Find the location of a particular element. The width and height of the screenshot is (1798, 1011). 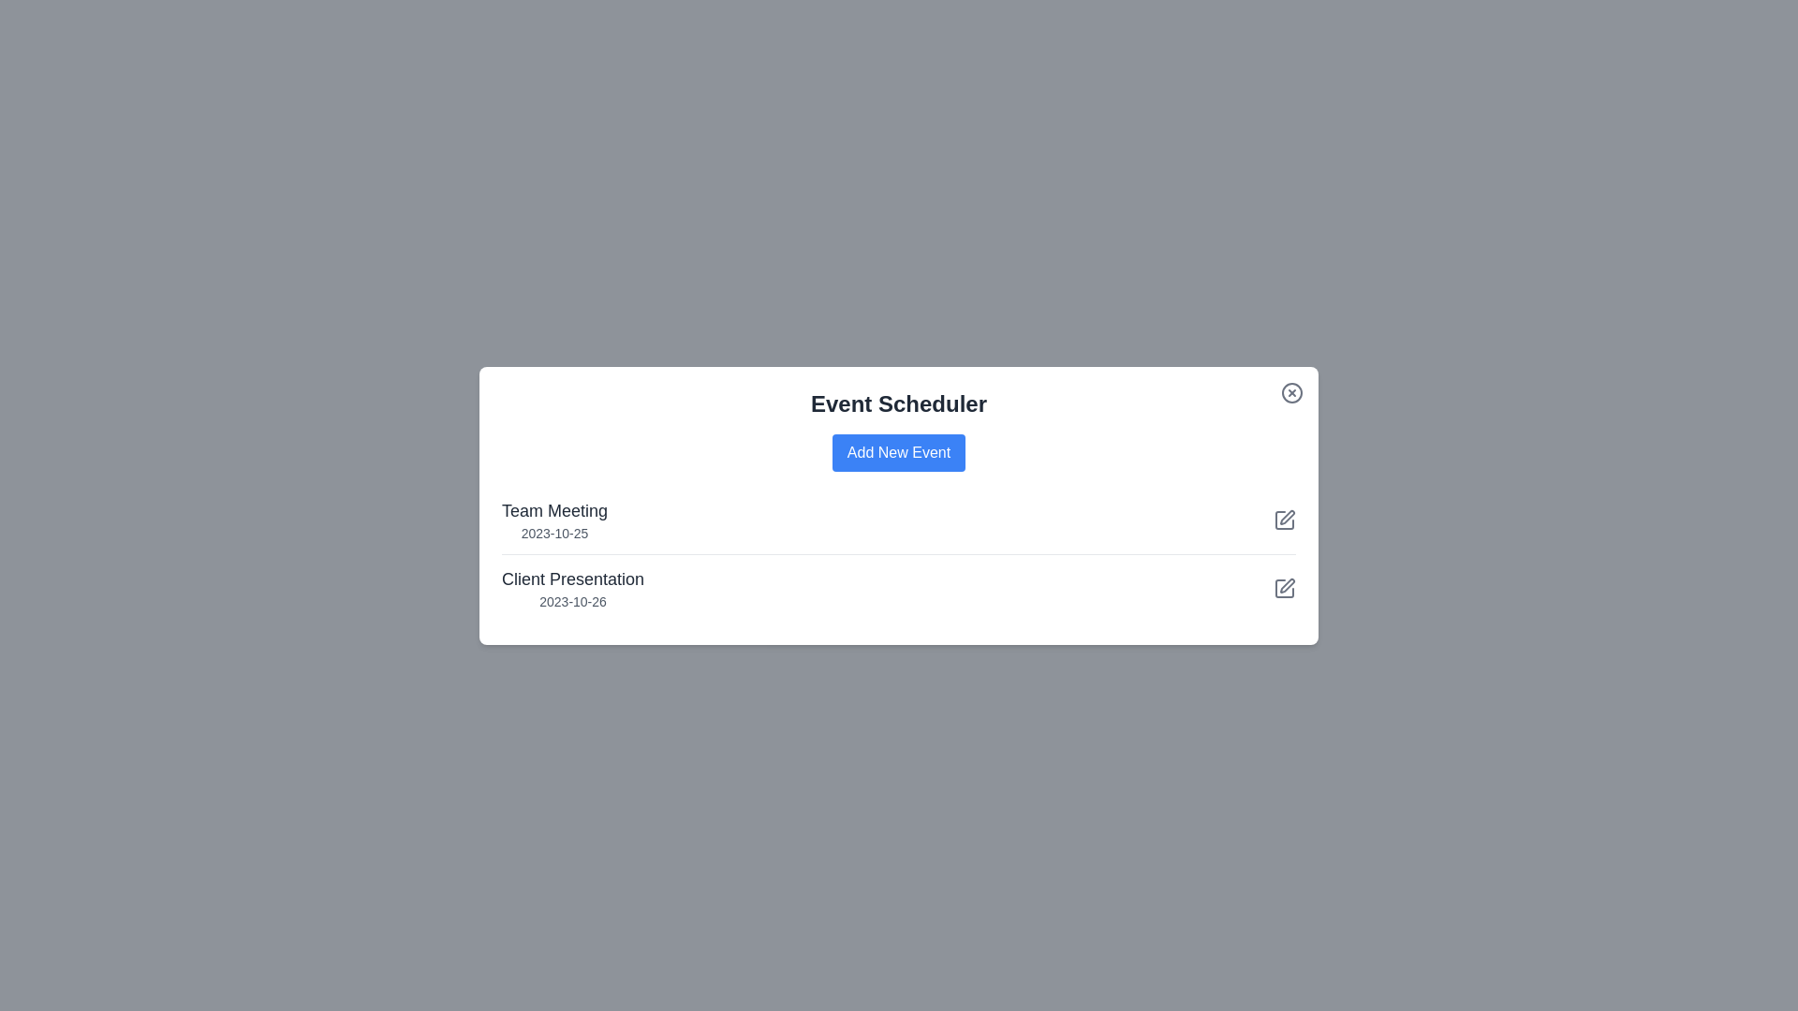

the 'Add New Event' button, which is a rectangular button with a blue background and white text, located at the center-top of the event details card is located at coordinates (899, 452).